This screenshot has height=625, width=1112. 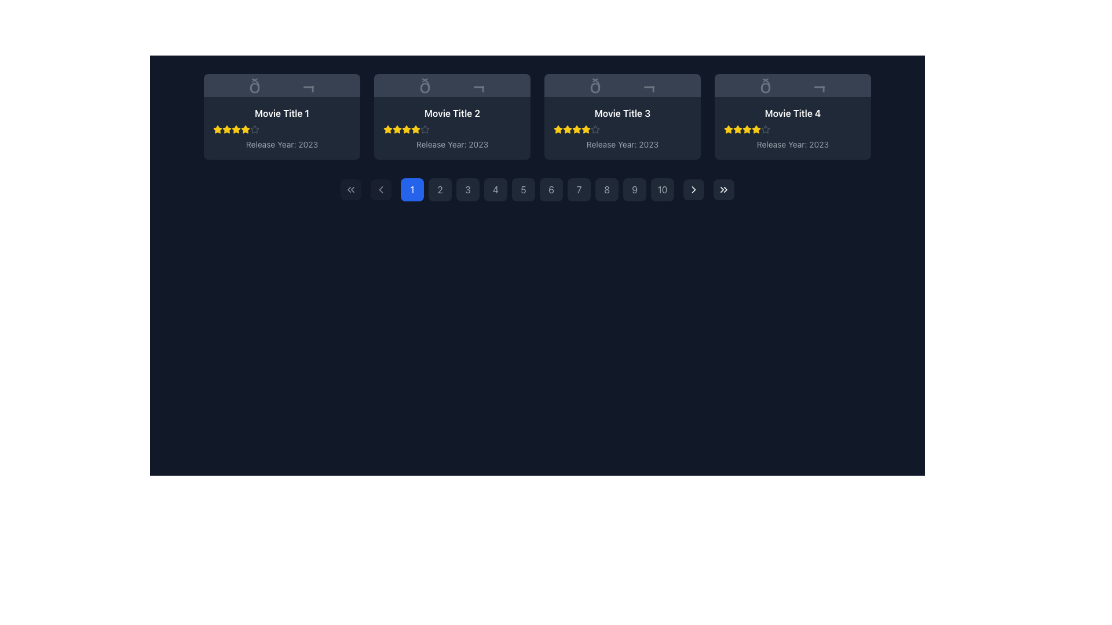 What do you see at coordinates (236, 129) in the screenshot?
I see `the third star icon in the rating system for 'Movie Title 1', located in the top-left corner of the first movie card` at bounding box center [236, 129].